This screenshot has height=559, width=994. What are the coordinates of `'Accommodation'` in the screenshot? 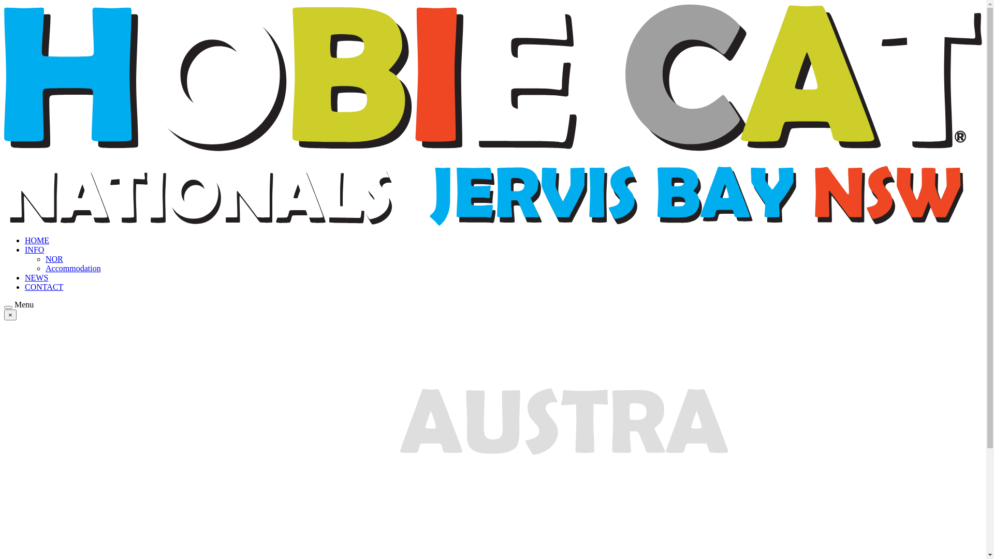 It's located at (72, 268).